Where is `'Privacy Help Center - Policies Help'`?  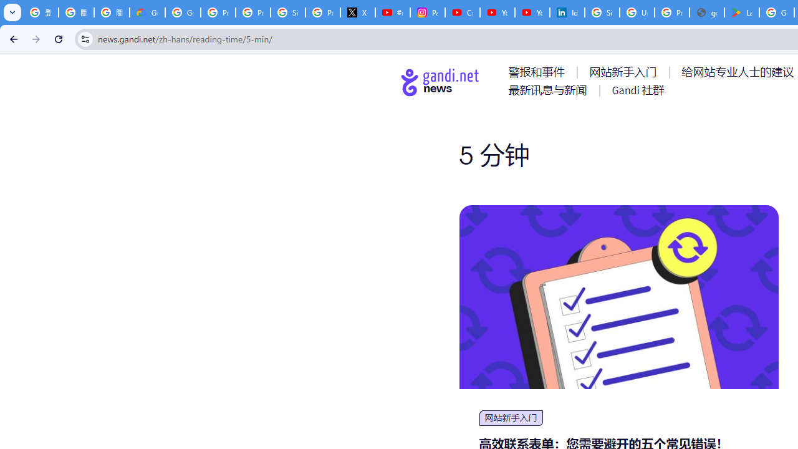 'Privacy Help Center - Policies Help' is located at coordinates (218, 12).